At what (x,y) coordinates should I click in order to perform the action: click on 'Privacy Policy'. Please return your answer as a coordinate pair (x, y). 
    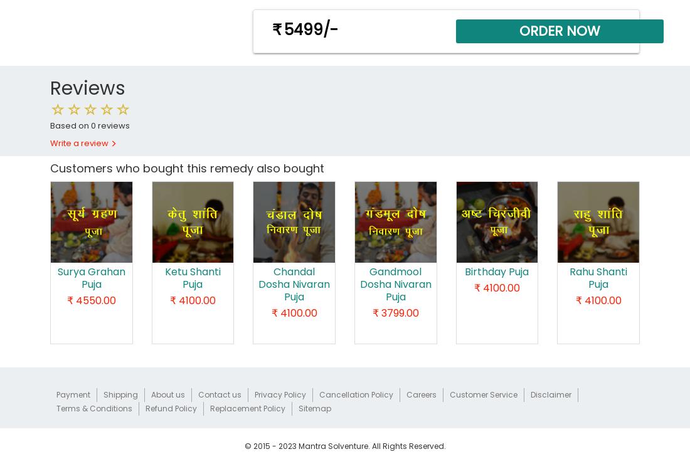
    Looking at the image, I should click on (280, 394).